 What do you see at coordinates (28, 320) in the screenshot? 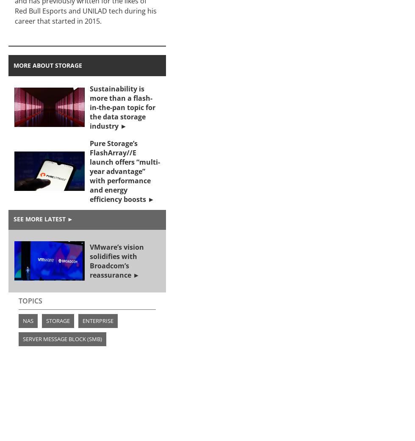
I see `'NAS'` at bounding box center [28, 320].